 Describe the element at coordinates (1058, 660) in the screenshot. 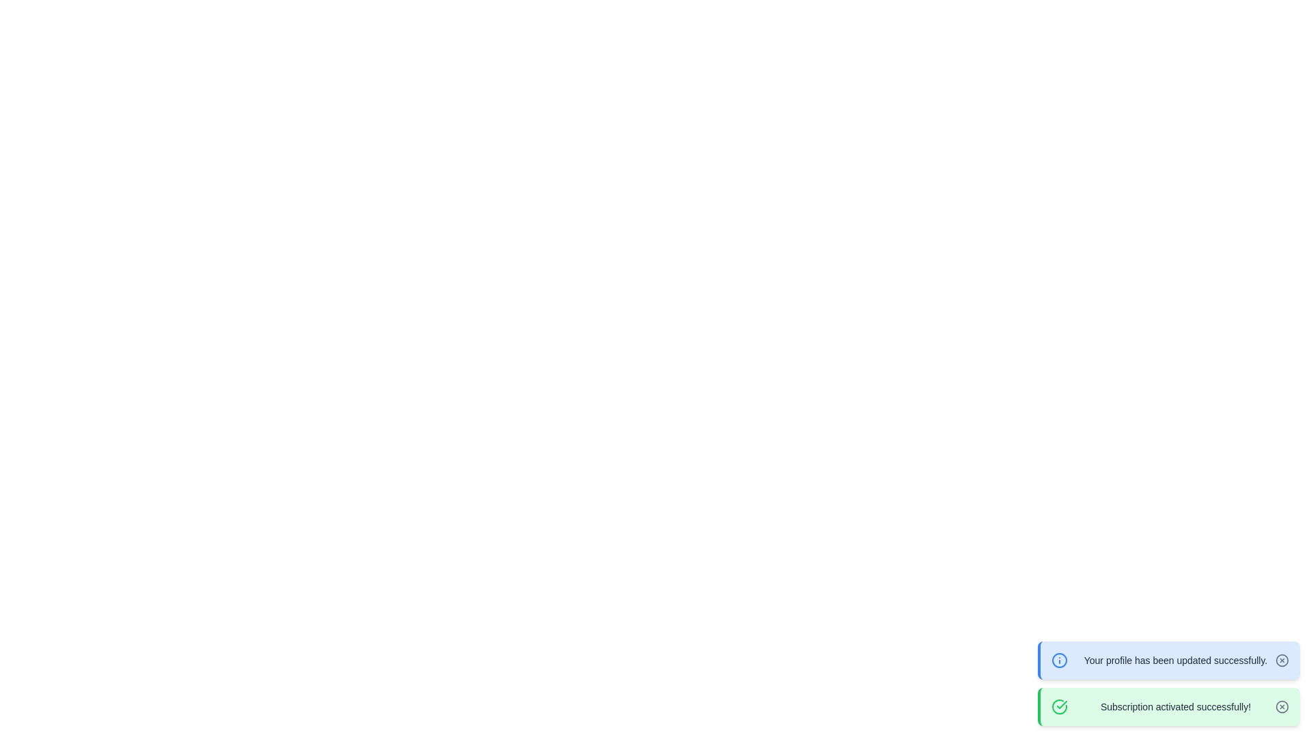

I see `the decorative icon located to the far left within the notification panel indicating 'Your profile has been updated successfully.'` at that location.